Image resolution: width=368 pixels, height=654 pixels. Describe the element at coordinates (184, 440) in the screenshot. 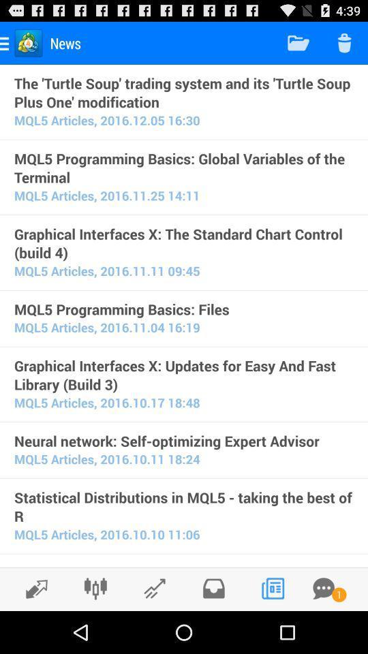

I see `the item below the mql5 articles 2016 icon` at that location.